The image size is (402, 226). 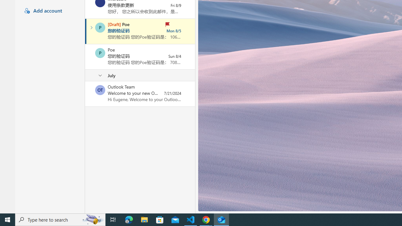 I want to click on 'Outlook Team', so click(x=100, y=90).